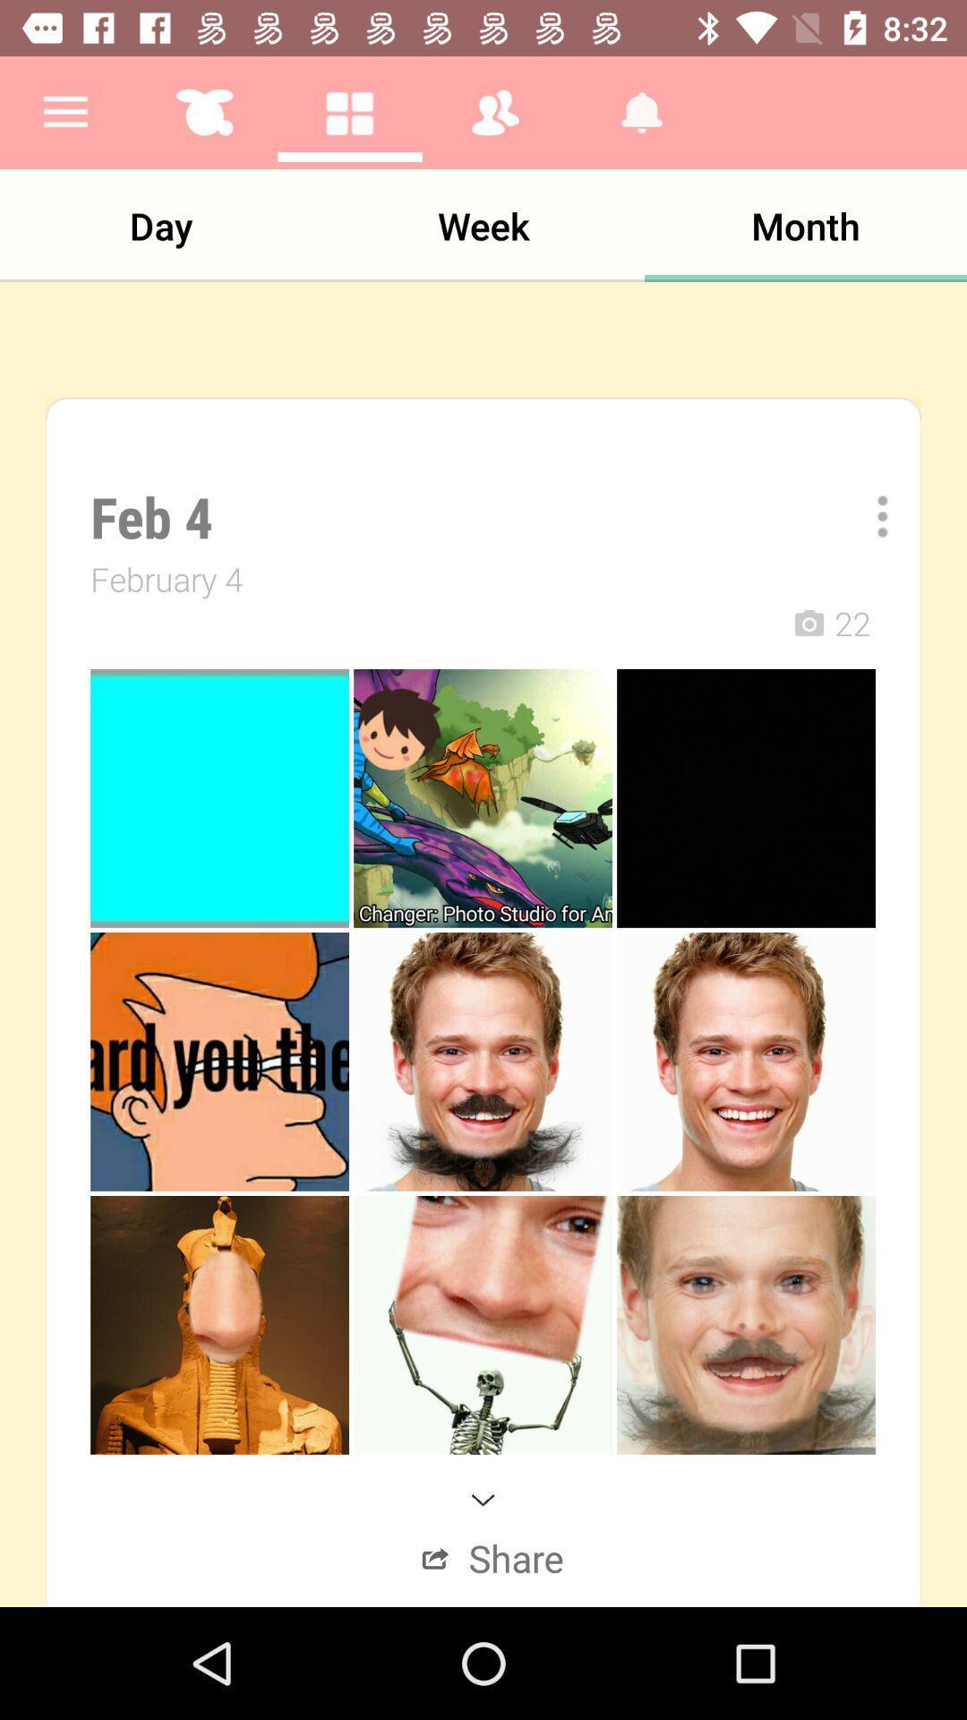 The height and width of the screenshot is (1720, 967). I want to click on the item to the right of the feb 4 icon, so click(869, 515).